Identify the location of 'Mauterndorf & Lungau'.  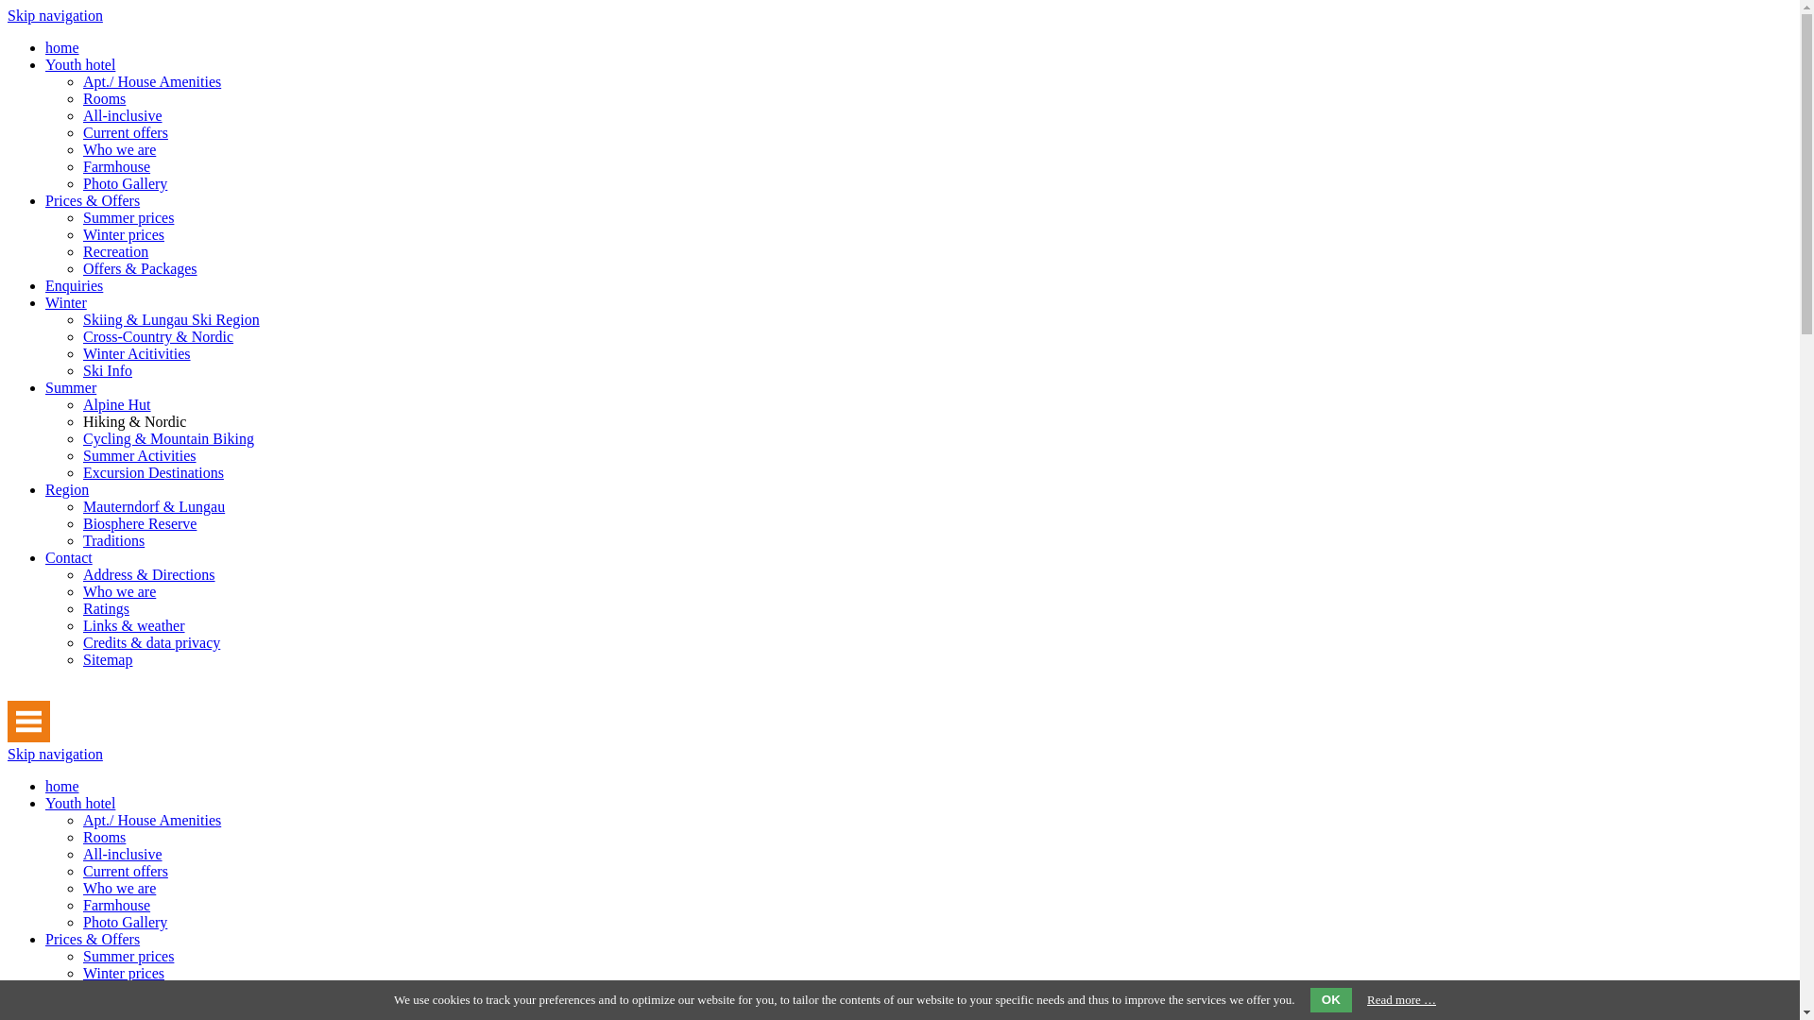
(81, 505).